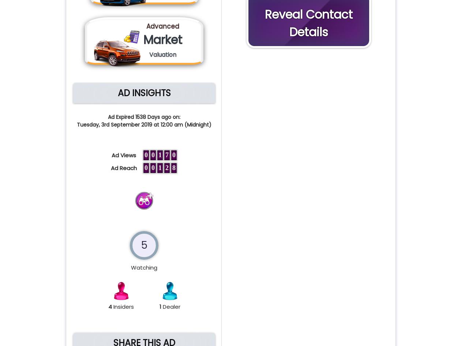  What do you see at coordinates (125, 155) in the screenshot?
I see `'Ad Views'` at bounding box center [125, 155].